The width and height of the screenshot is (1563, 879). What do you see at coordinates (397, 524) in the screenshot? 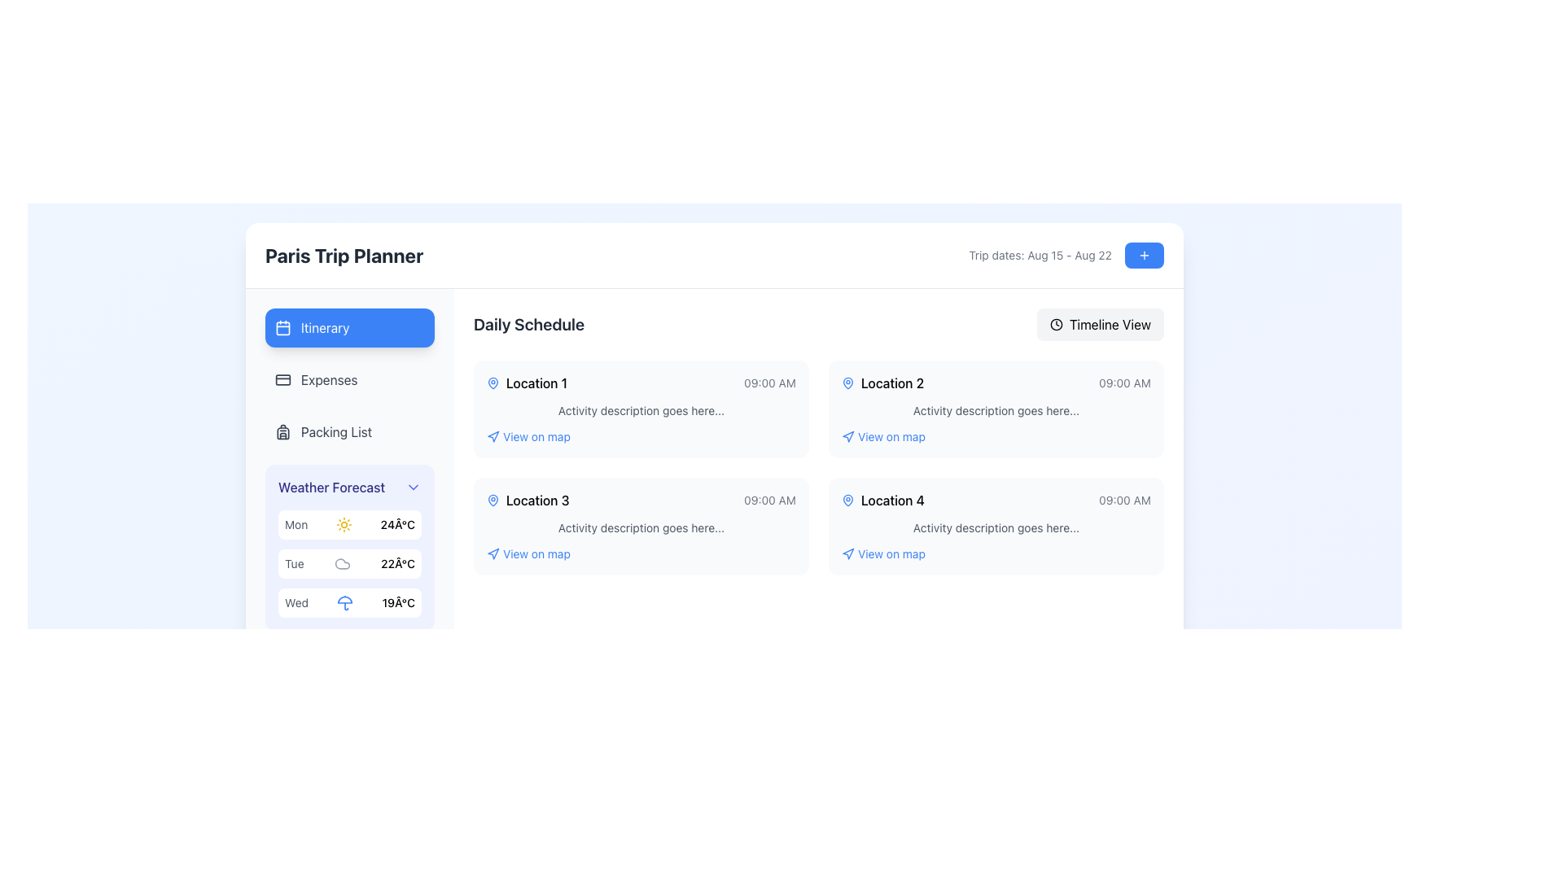
I see `the temperature forecast Text label for Monday located in the weather forecast section, positioned to the right of the sun icon for clear weather` at bounding box center [397, 524].